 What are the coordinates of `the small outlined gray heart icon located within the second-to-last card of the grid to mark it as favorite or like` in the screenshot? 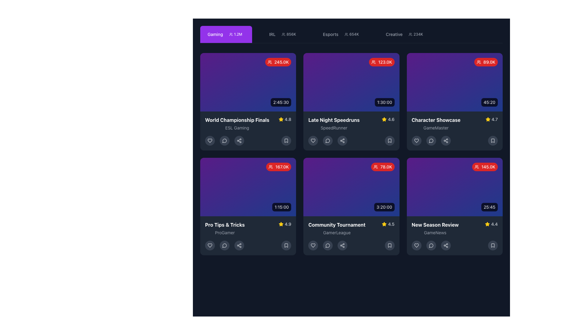 It's located at (313, 245).